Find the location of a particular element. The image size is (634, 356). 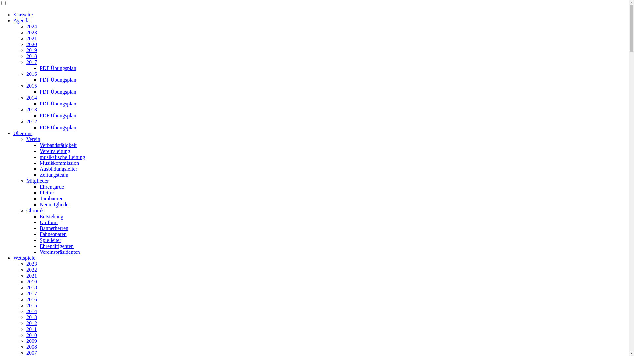

'Neumitglieder' is located at coordinates (55, 204).